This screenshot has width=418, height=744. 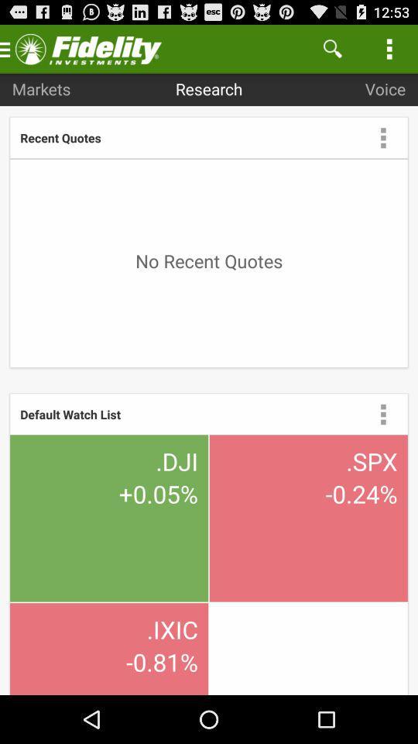 I want to click on item above the recent quotes app, so click(x=41, y=88).